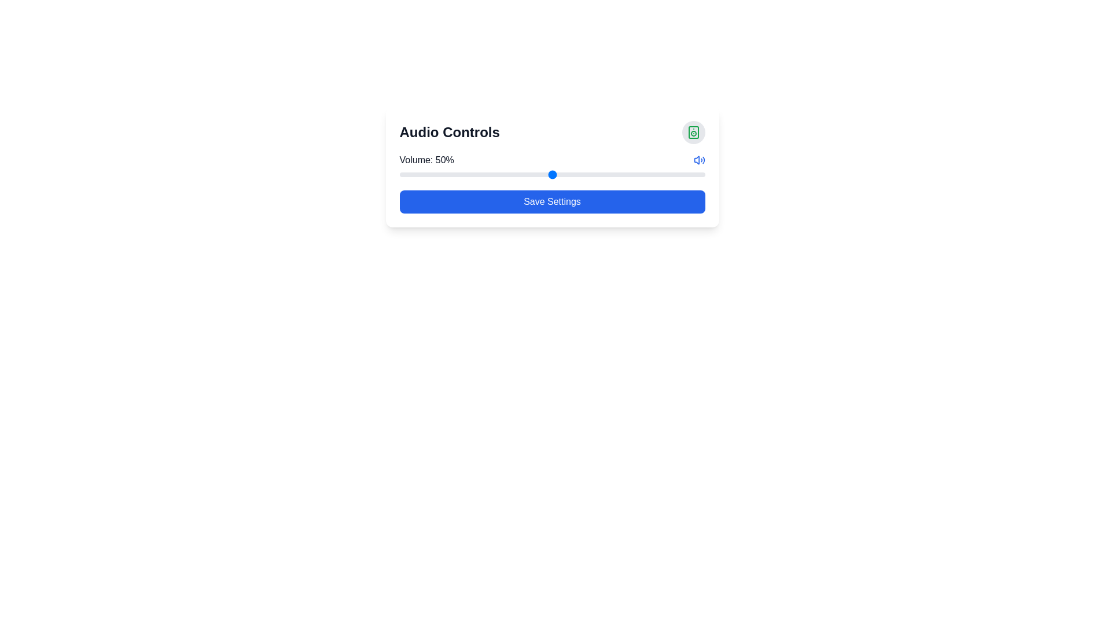  I want to click on the blue speaker-related icon positioned immediately to the right of the text 'Volume: 50%' in the audio volume controls interface, so click(698, 160).